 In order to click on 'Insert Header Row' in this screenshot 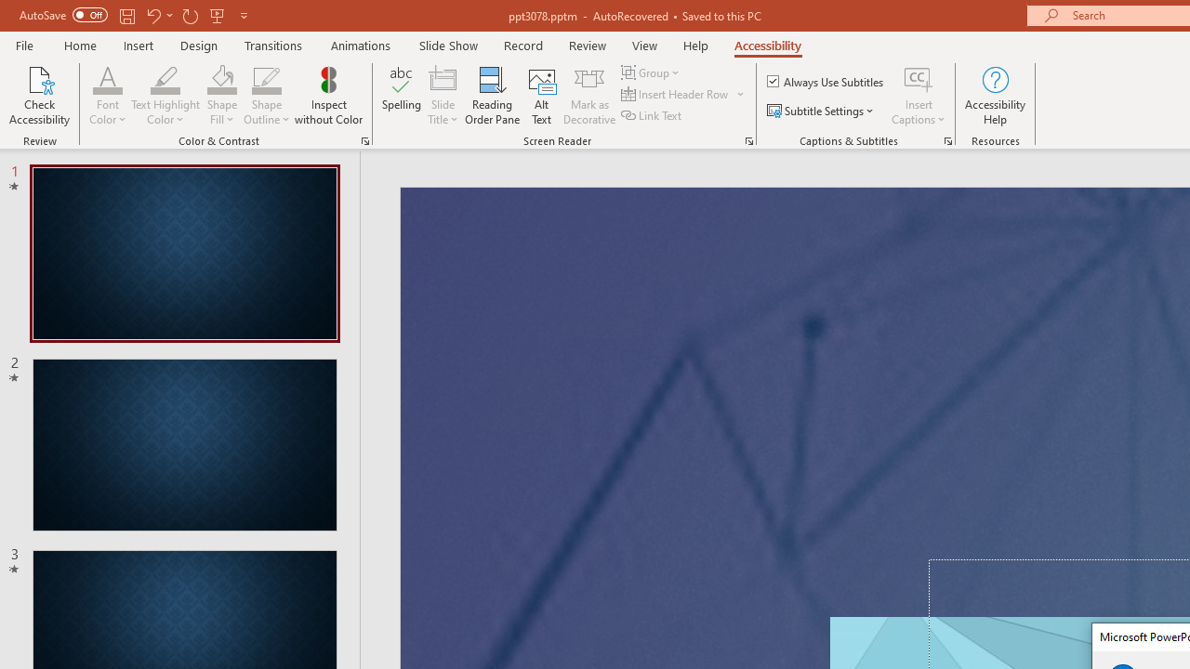, I will do `click(683, 94)`.